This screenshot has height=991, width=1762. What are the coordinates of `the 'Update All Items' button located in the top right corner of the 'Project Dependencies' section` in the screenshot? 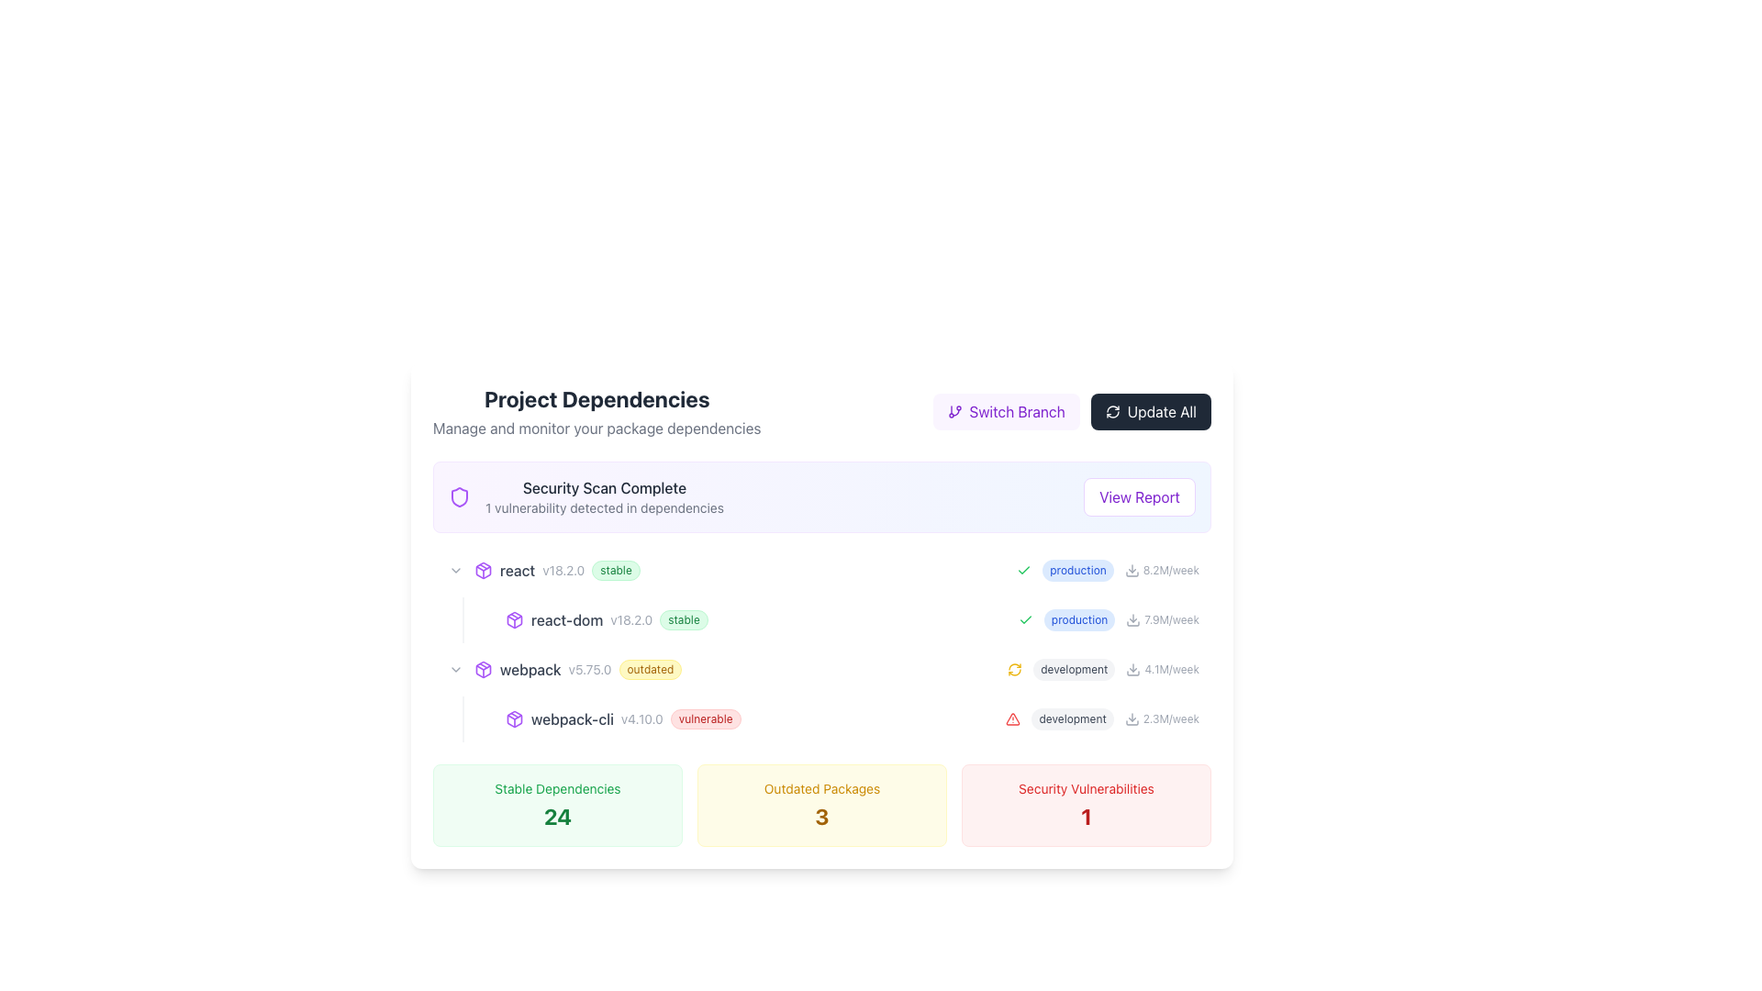 It's located at (1150, 410).